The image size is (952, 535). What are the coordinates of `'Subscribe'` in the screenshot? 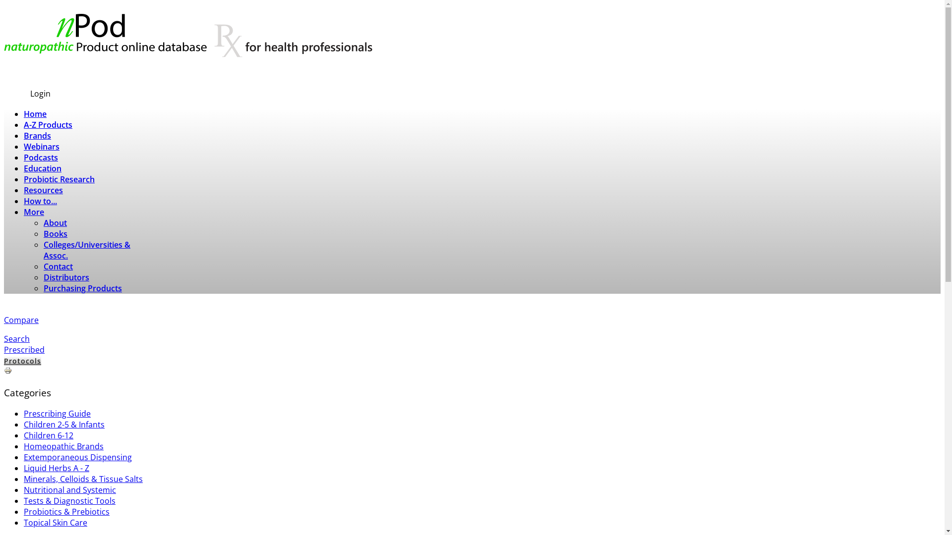 It's located at (22, 72).